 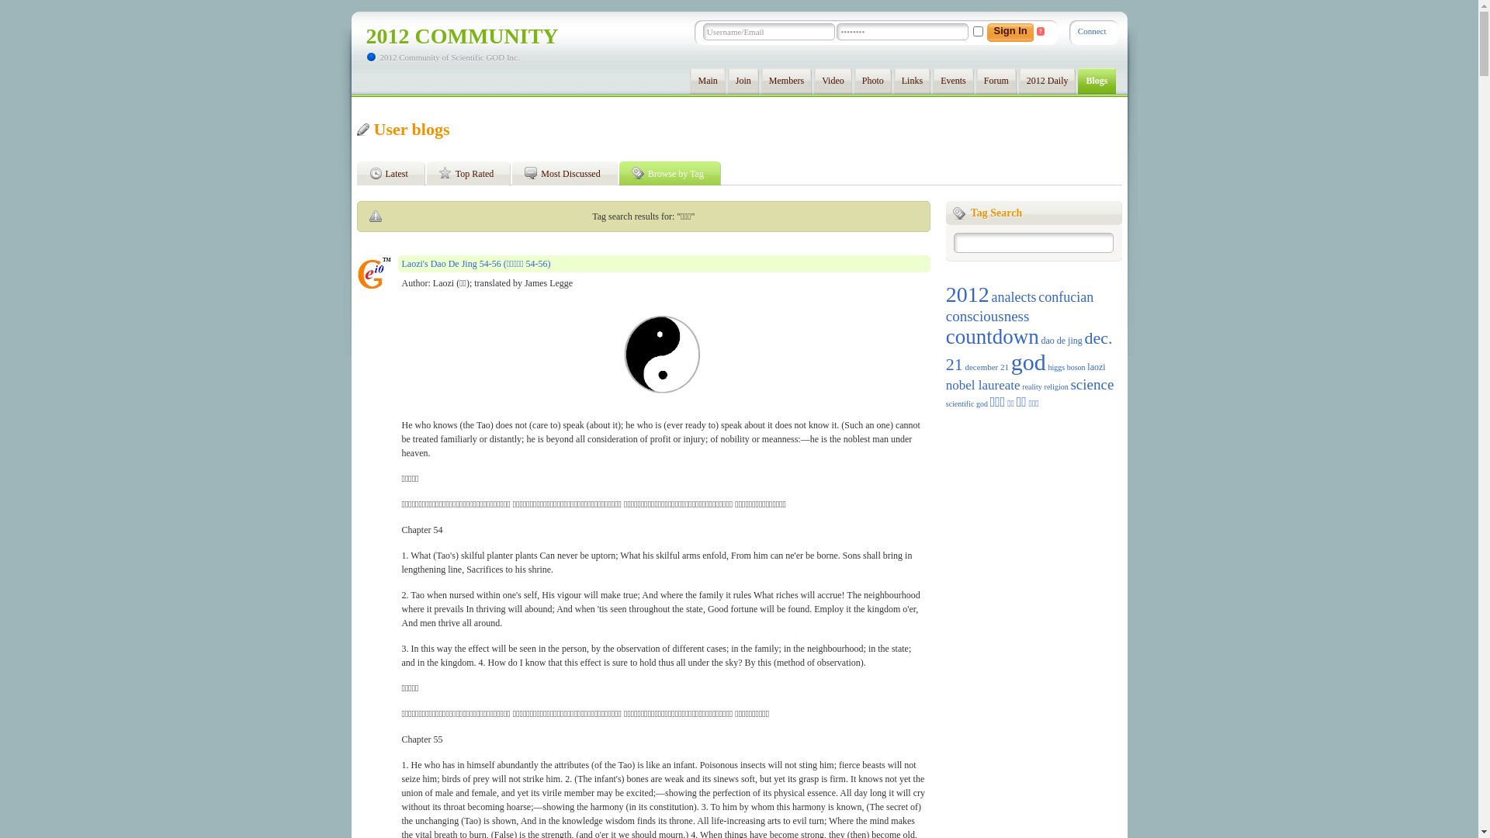 What do you see at coordinates (966, 403) in the screenshot?
I see `'scientific god'` at bounding box center [966, 403].